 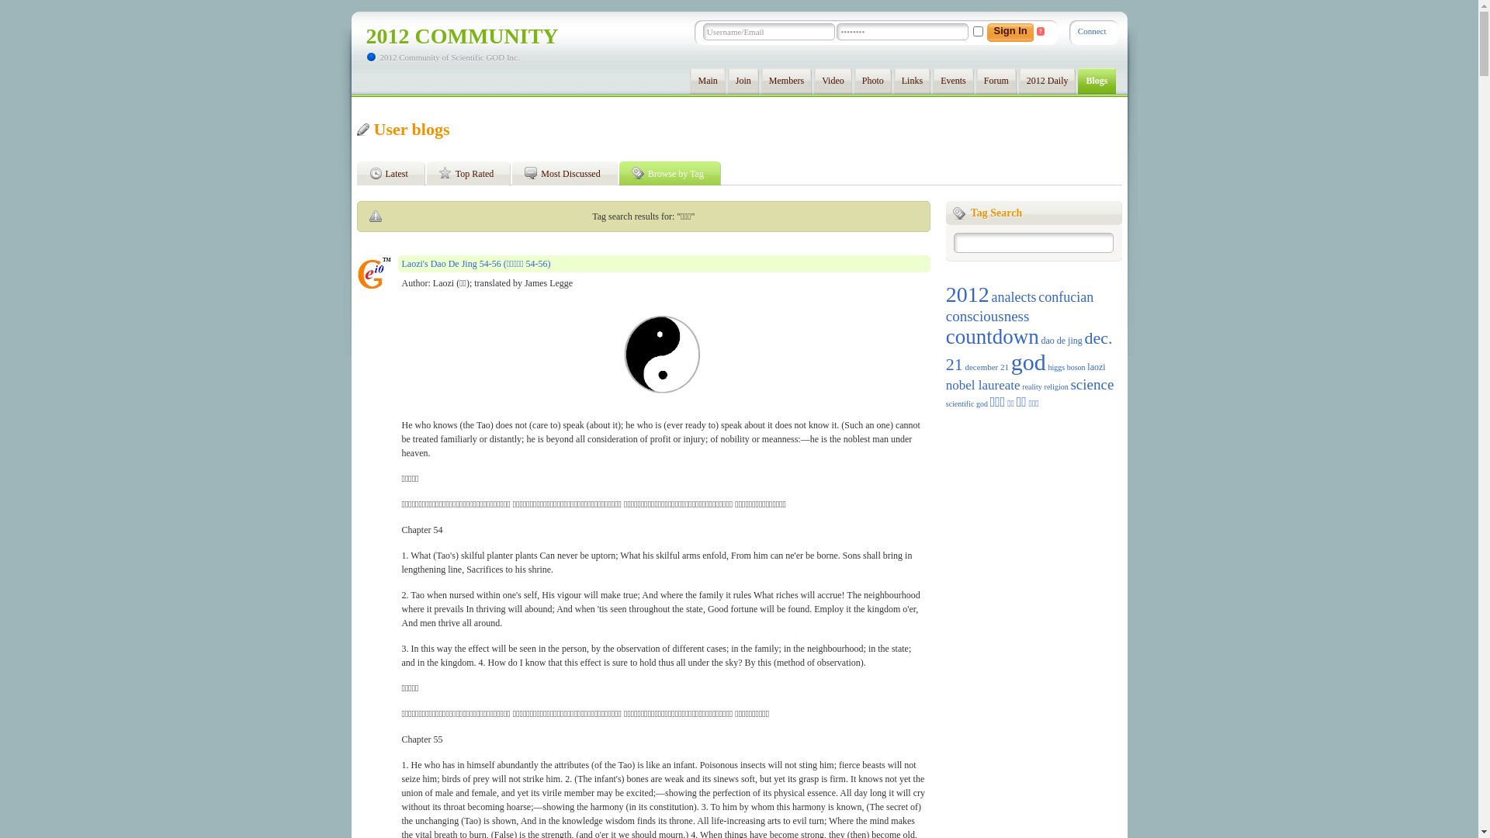 What do you see at coordinates (966, 403) in the screenshot?
I see `'scientific god'` at bounding box center [966, 403].